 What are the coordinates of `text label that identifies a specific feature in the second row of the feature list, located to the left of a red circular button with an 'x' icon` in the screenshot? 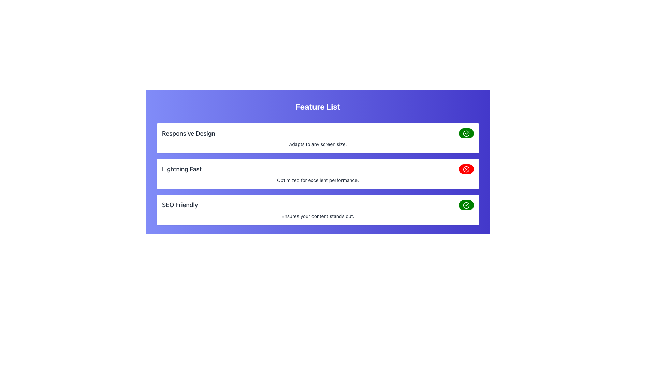 It's located at (181, 169).